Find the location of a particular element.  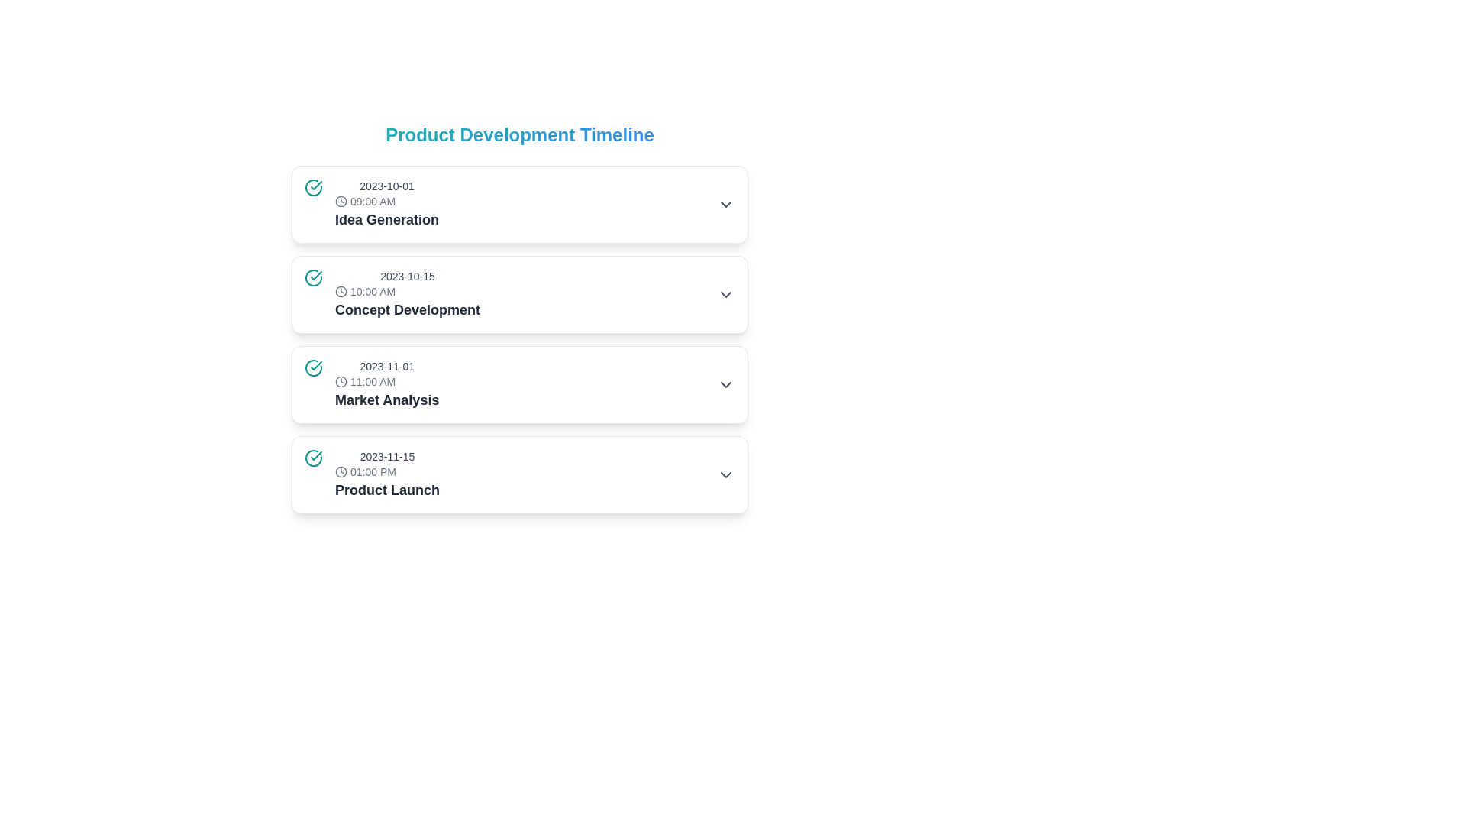

the third item in the timeline under 'Product Development Timeline' is located at coordinates (520, 384).